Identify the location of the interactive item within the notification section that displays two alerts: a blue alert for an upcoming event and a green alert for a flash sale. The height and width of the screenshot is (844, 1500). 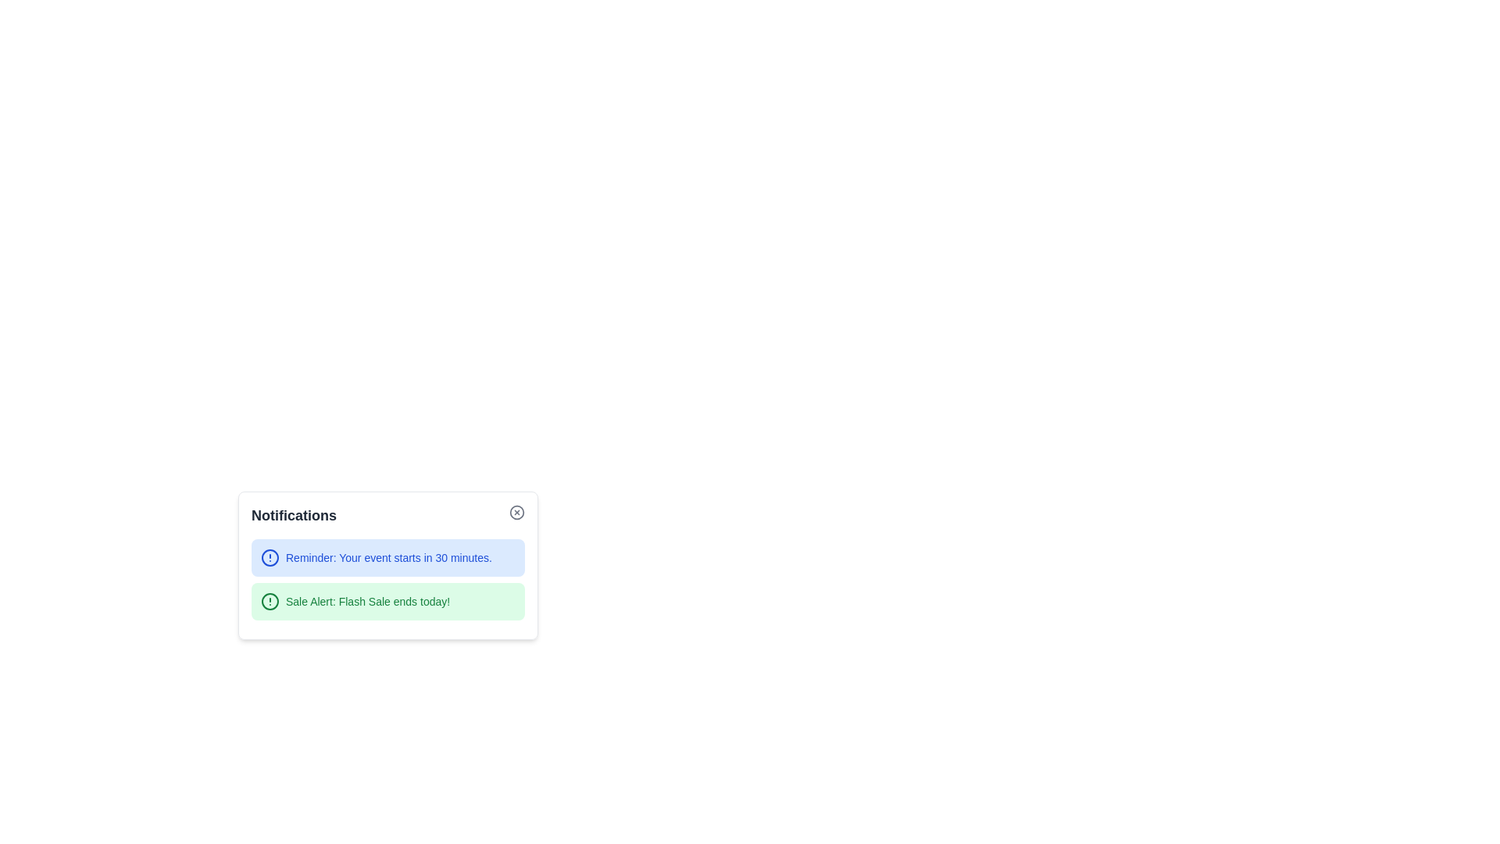
(388, 579).